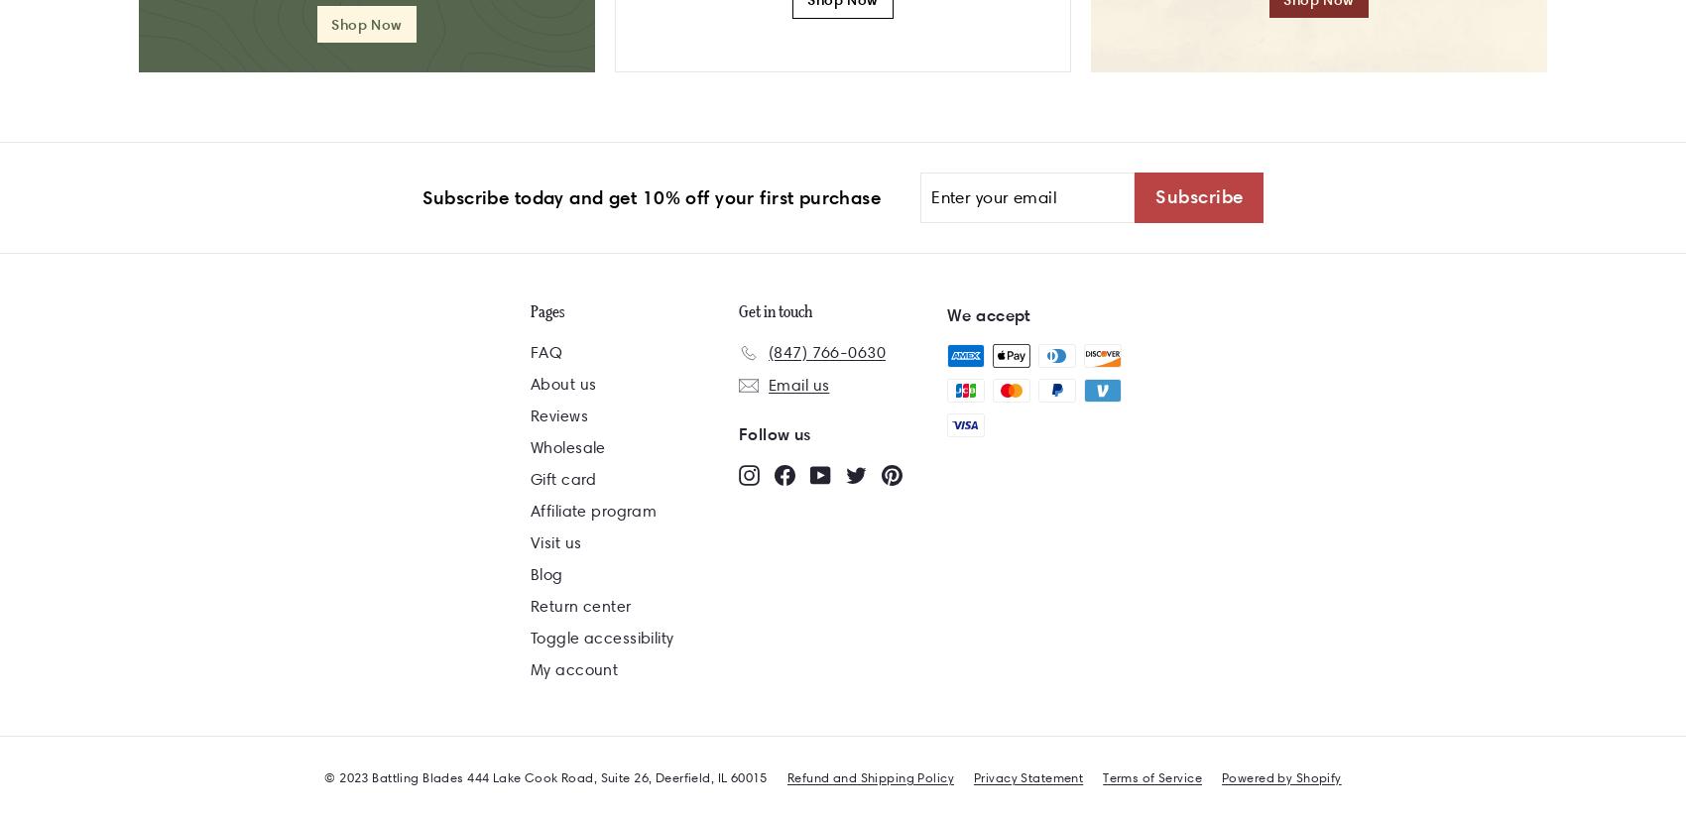 Image resolution: width=1686 pixels, height=819 pixels. What do you see at coordinates (561, 478) in the screenshot?
I see `'Gift card'` at bounding box center [561, 478].